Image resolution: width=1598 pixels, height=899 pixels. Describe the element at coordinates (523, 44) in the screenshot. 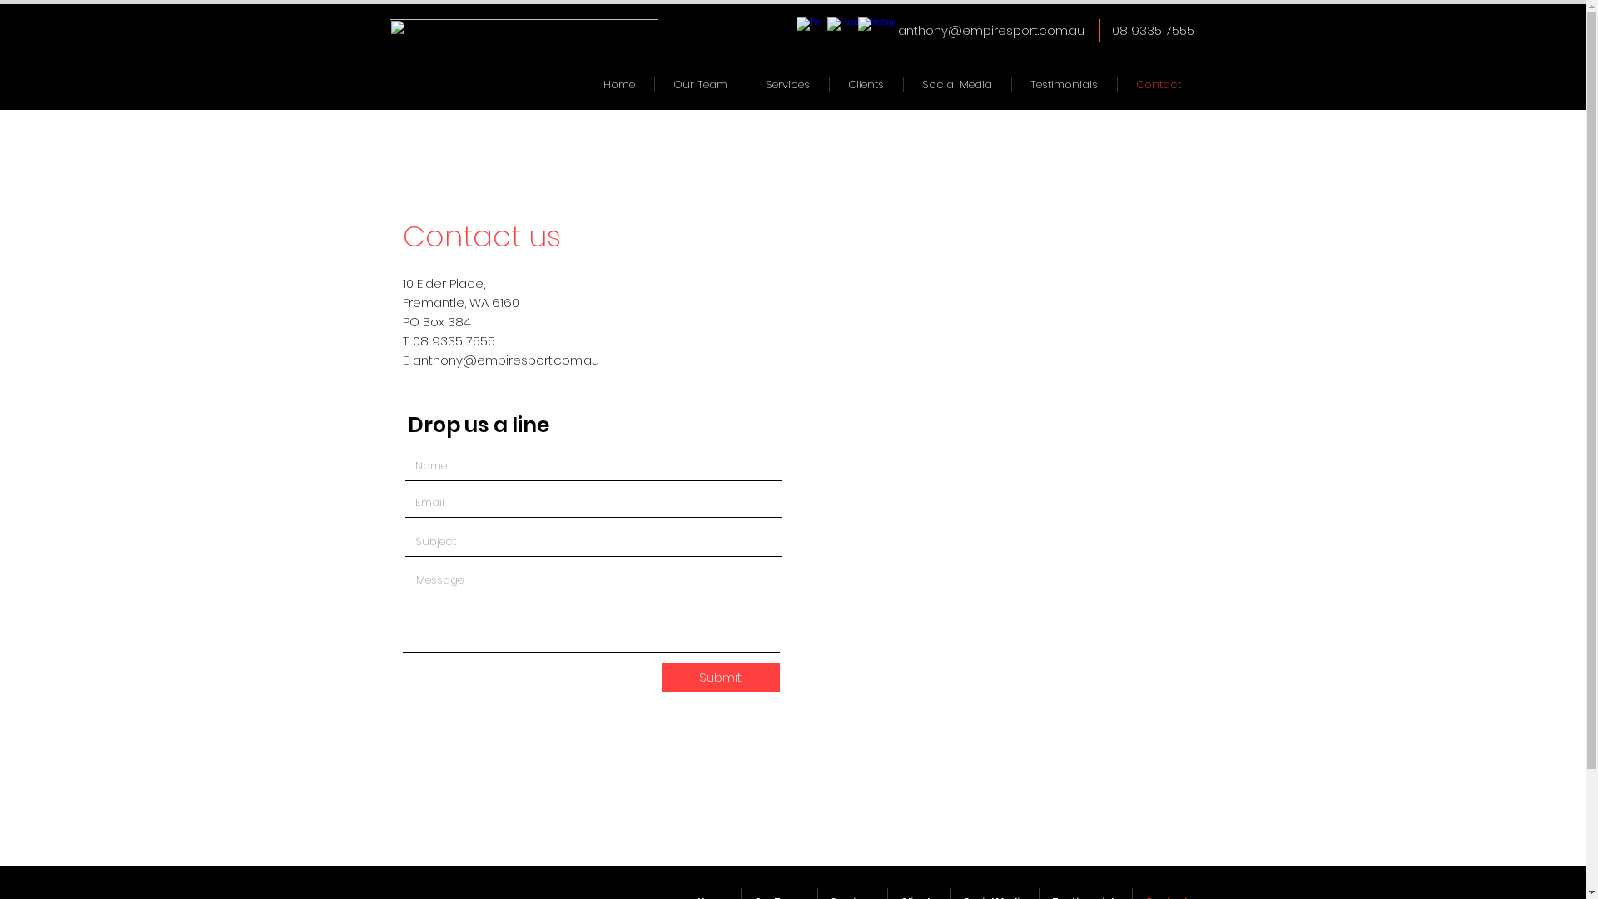

I see `'empire sport man-Artboard 1 copy.png'` at that location.